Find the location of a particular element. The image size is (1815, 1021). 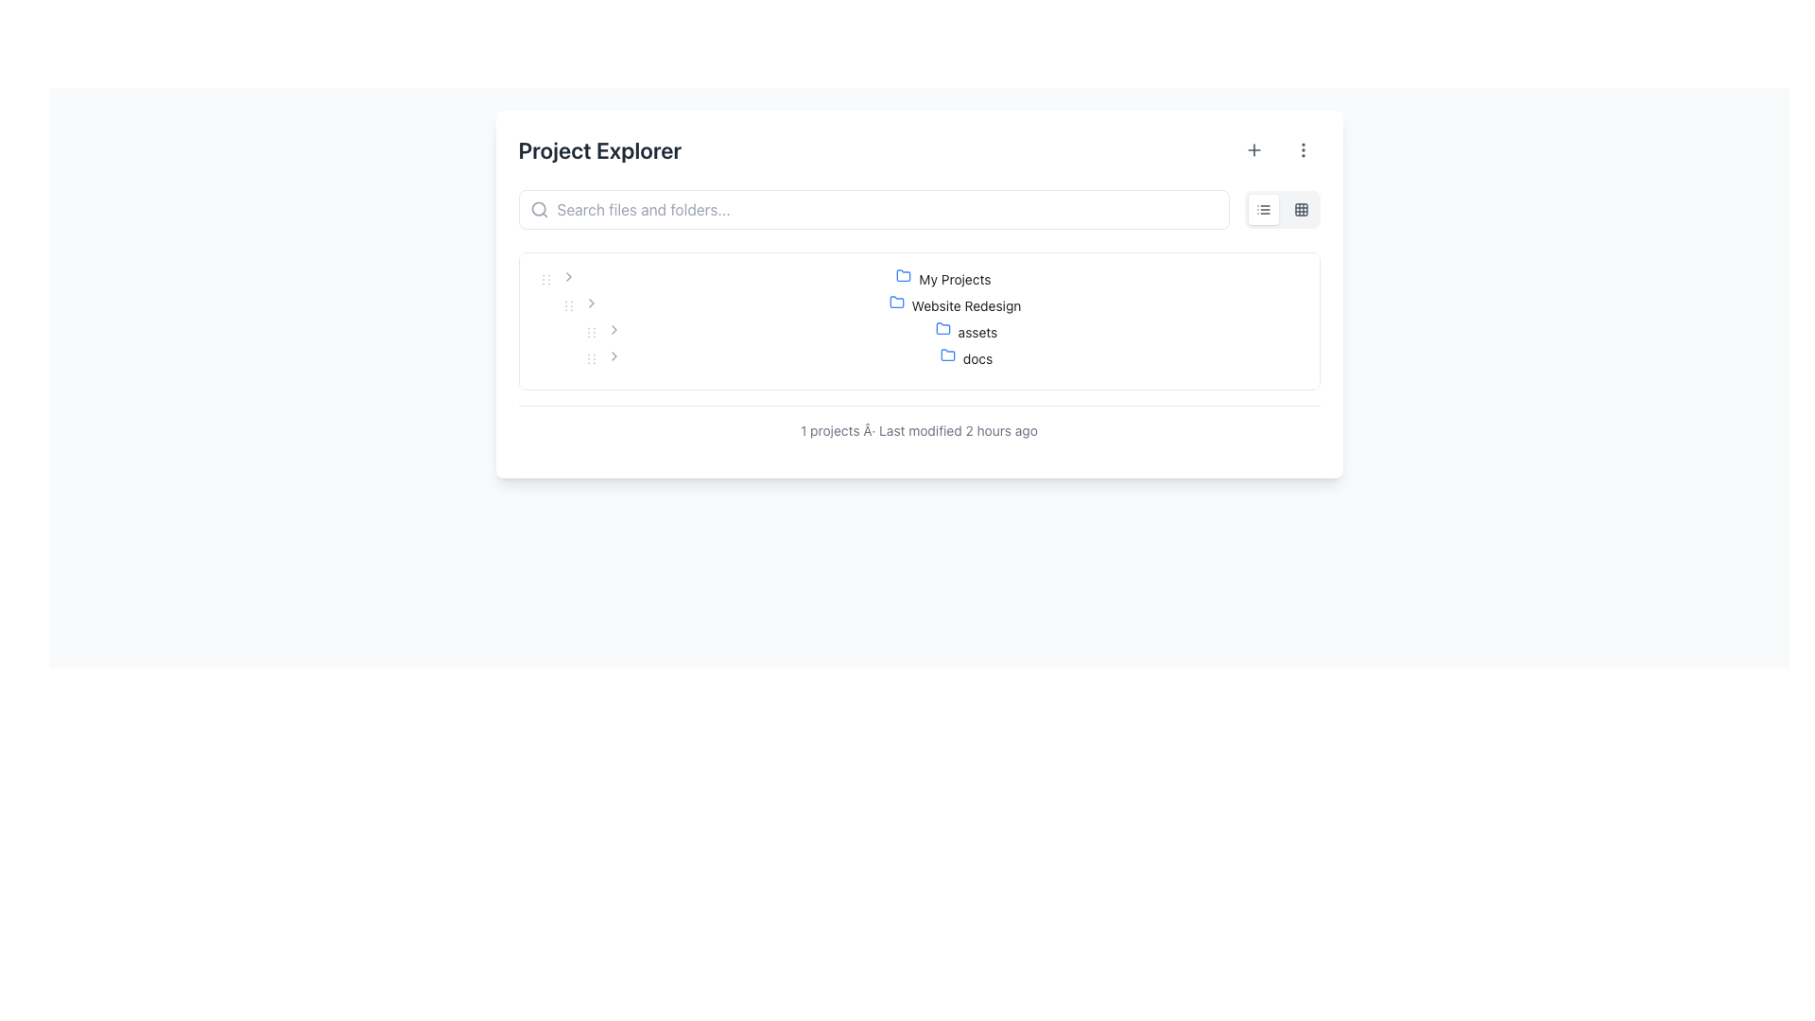

the 'Website Redesign' tree item node, which is styled as a collapsible tree item with a blue folder icon is located at coordinates (955, 305).